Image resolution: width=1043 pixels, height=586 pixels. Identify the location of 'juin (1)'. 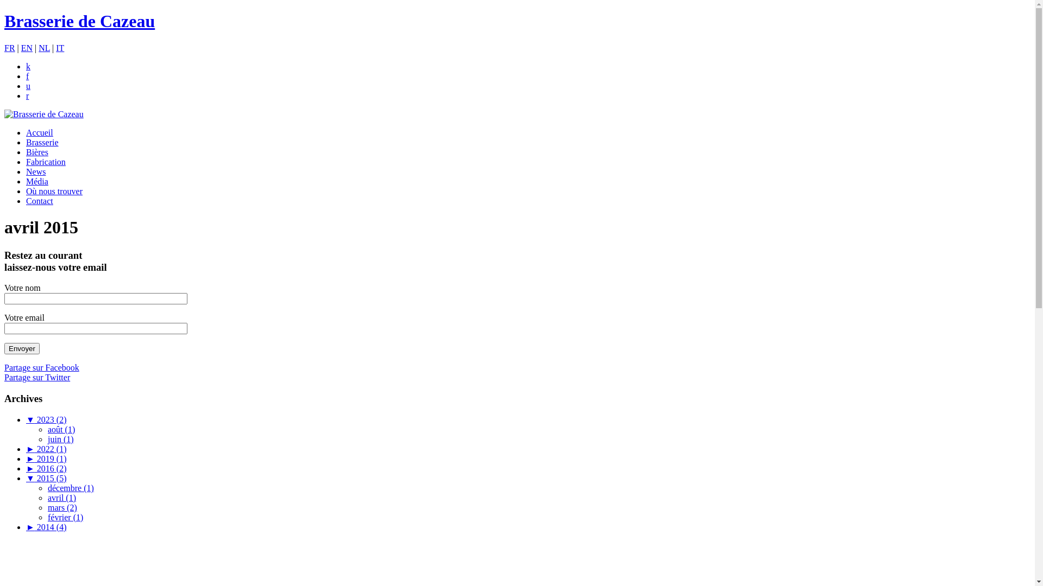
(60, 438).